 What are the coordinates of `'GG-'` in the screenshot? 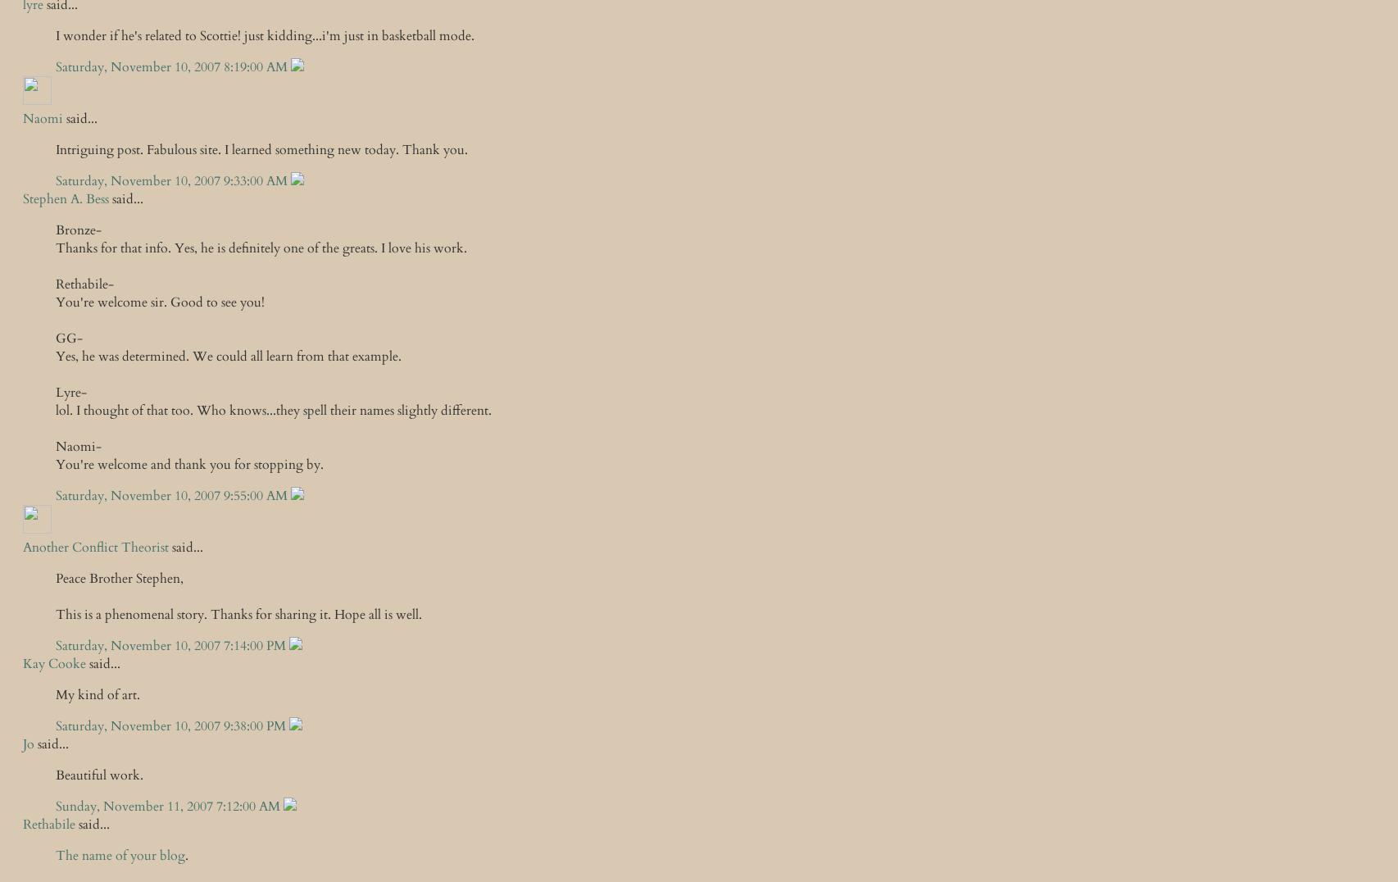 It's located at (69, 338).